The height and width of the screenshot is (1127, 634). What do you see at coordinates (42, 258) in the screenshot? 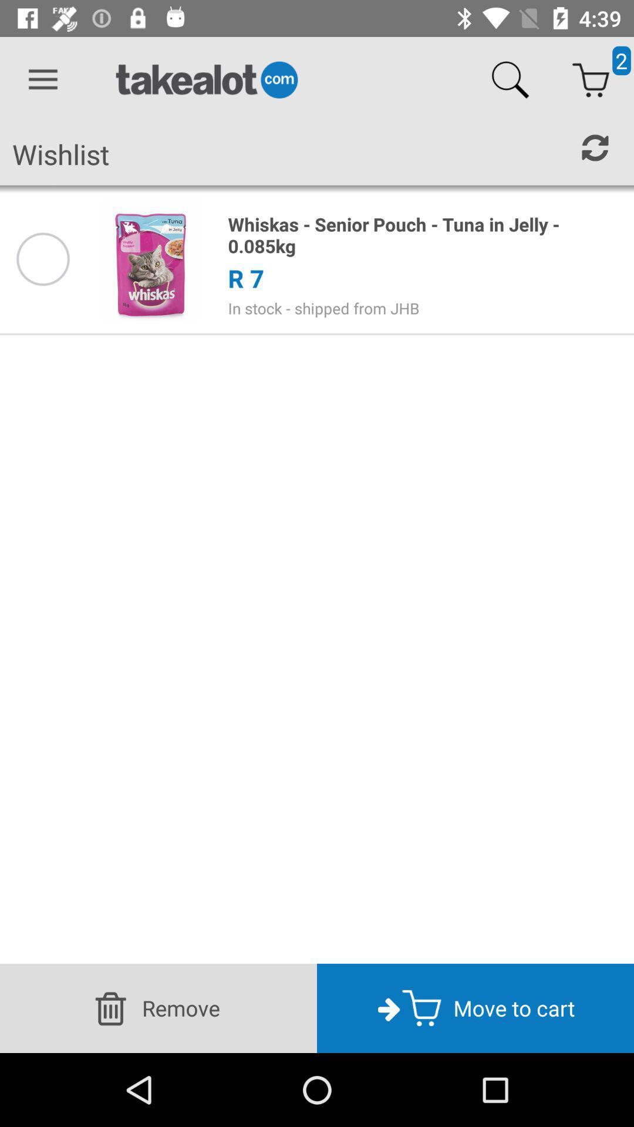
I see `its a bullet box which you click to select some item` at bounding box center [42, 258].